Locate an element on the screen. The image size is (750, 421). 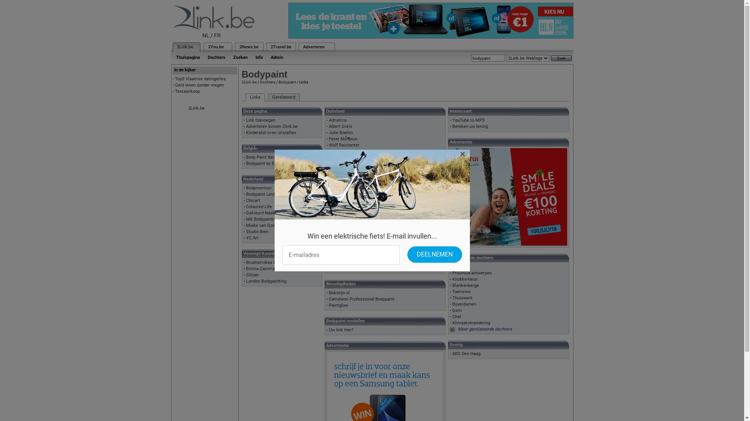
'Top3 Vlaamse datingsites' is located at coordinates (200, 79).